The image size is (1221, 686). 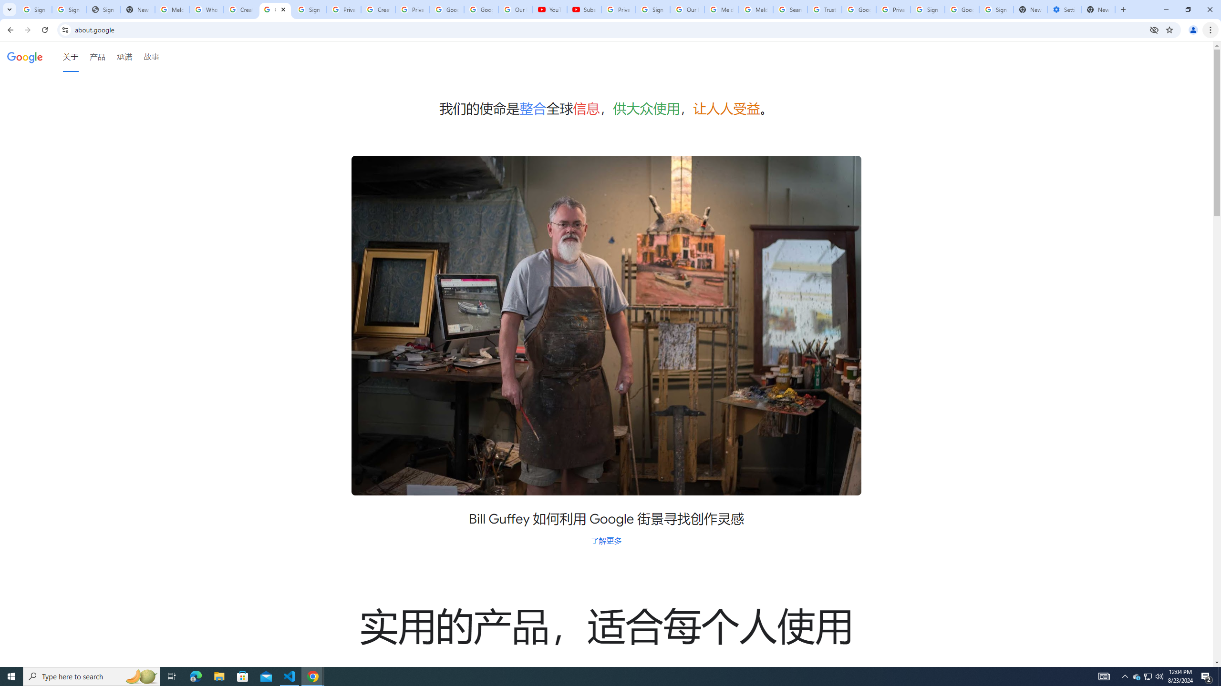 I want to click on 'New Tab', so click(x=1098, y=9).